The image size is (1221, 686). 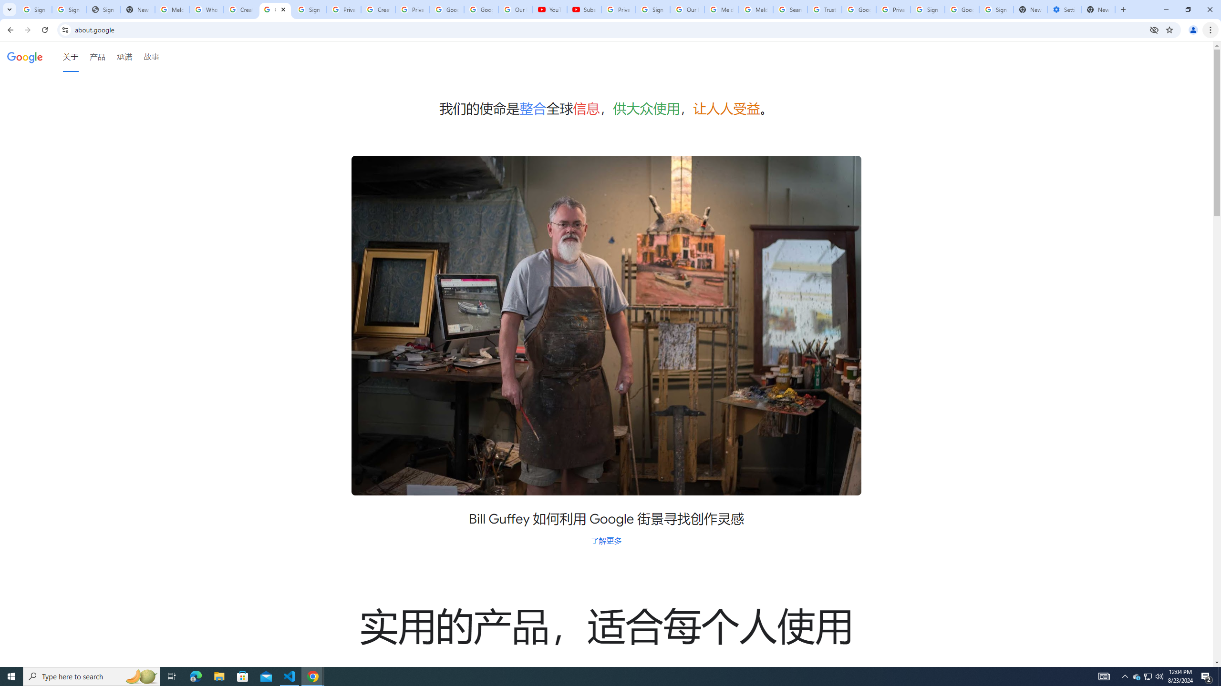 I want to click on 'New Tab', so click(x=1098, y=9).